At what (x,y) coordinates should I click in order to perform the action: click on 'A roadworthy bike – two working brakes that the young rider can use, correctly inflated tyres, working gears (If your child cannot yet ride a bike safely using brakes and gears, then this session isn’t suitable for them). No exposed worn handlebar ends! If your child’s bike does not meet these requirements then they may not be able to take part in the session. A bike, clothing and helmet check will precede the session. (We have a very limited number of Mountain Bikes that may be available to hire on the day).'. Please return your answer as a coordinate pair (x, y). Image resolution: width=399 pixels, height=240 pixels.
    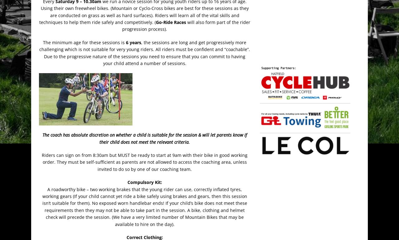
    Looking at the image, I should click on (144, 206).